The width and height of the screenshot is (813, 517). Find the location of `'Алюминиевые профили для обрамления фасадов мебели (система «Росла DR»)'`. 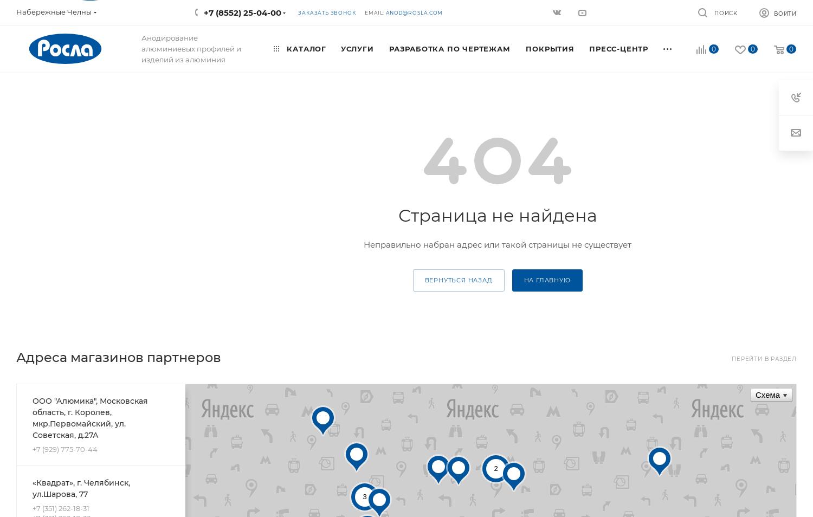

'Алюминиевые профили для обрамления фасадов мебели (система «Росла DR»)' is located at coordinates (460, 157).